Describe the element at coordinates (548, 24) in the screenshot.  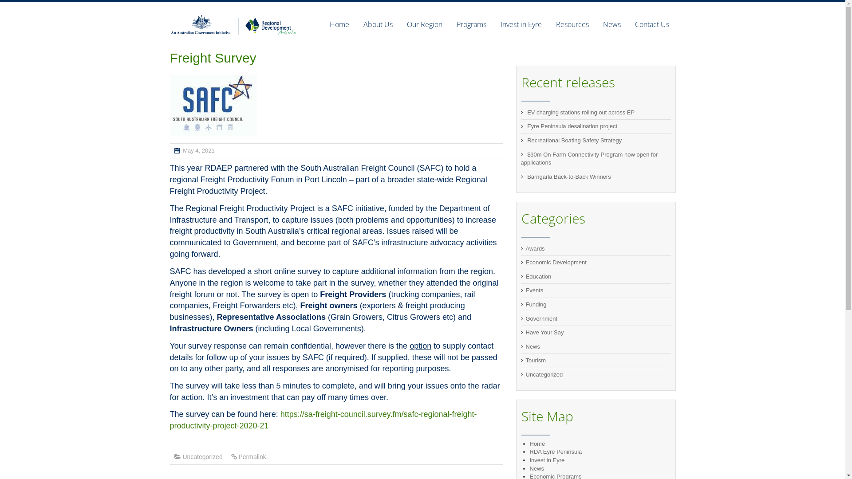
I see `'Resources'` at that location.